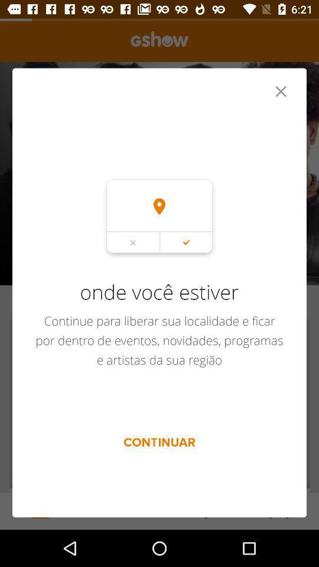 The height and width of the screenshot is (567, 319). What do you see at coordinates (159, 442) in the screenshot?
I see `the continuar` at bounding box center [159, 442].